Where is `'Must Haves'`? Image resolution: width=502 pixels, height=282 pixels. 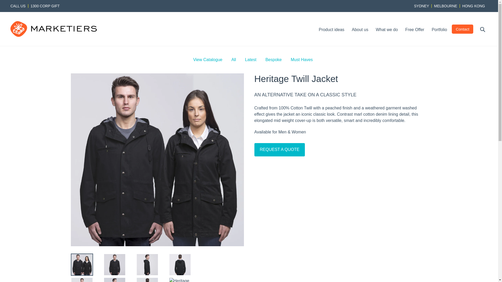 'Must Haves' is located at coordinates (301, 59).